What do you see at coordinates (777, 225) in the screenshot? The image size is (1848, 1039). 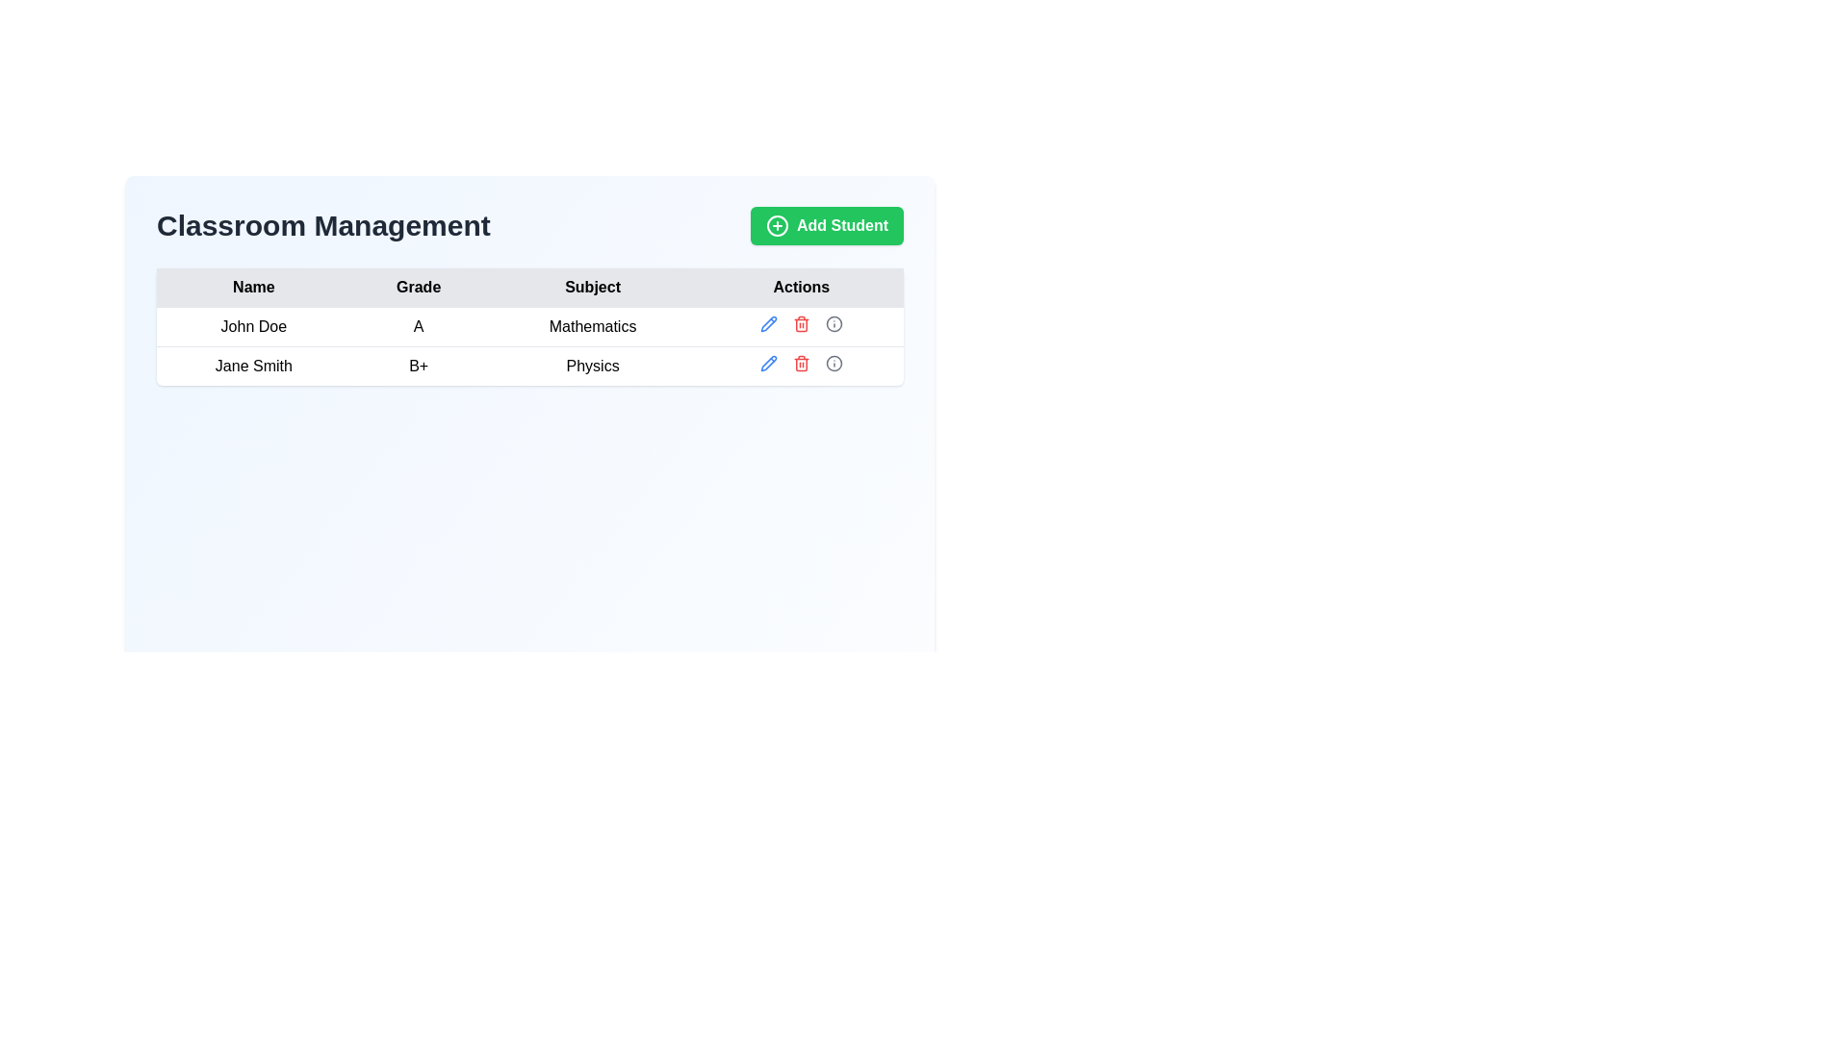 I see `the icon located on the left side of the 'Add Student' button, which is positioned in the top-right corner above the student records table` at bounding box center [777, 225].